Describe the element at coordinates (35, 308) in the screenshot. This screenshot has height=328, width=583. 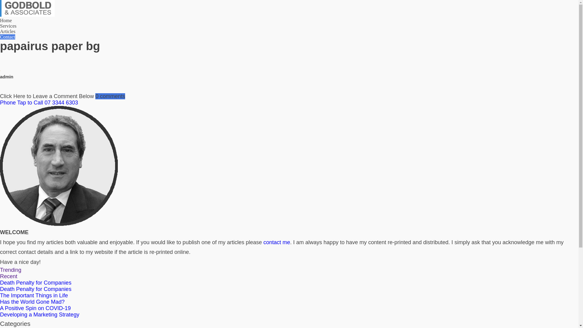
I see `'A Positive Spin on COVID-19'` at that location.